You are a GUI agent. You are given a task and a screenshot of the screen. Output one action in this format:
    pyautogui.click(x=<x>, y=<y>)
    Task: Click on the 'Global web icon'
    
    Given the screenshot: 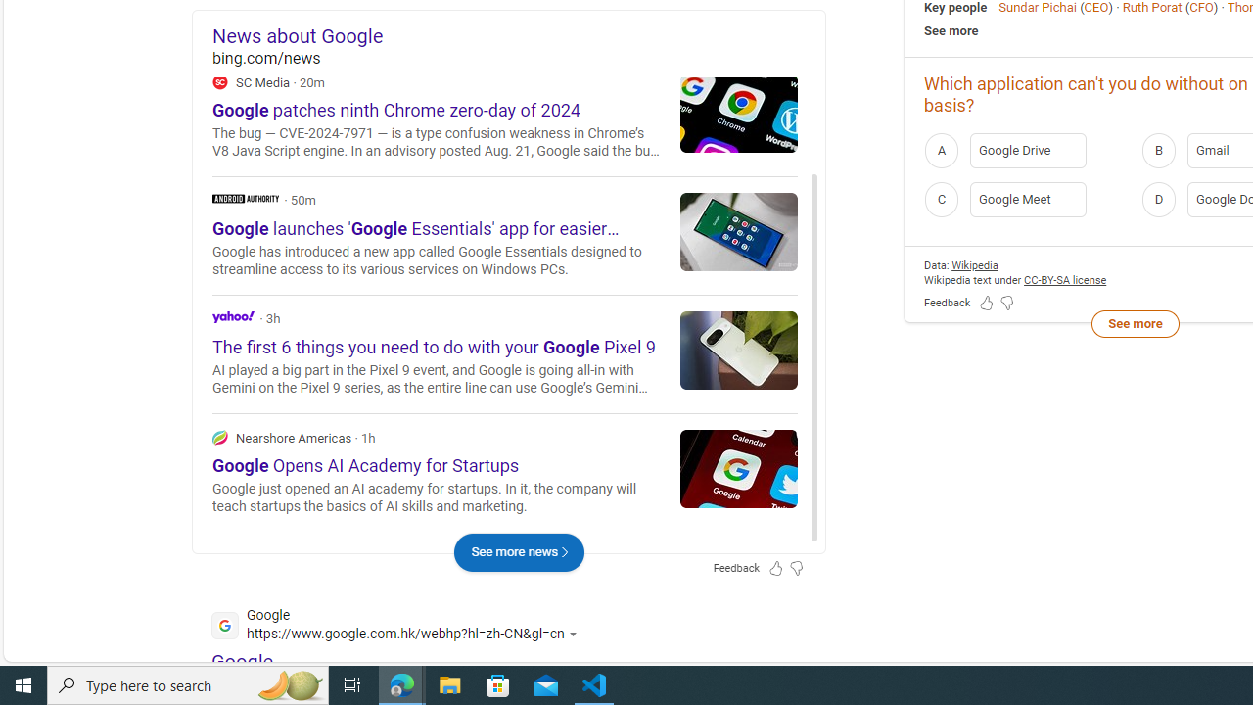 What is the action you would take?
    pyautogui.click(x=224, y=625)
    